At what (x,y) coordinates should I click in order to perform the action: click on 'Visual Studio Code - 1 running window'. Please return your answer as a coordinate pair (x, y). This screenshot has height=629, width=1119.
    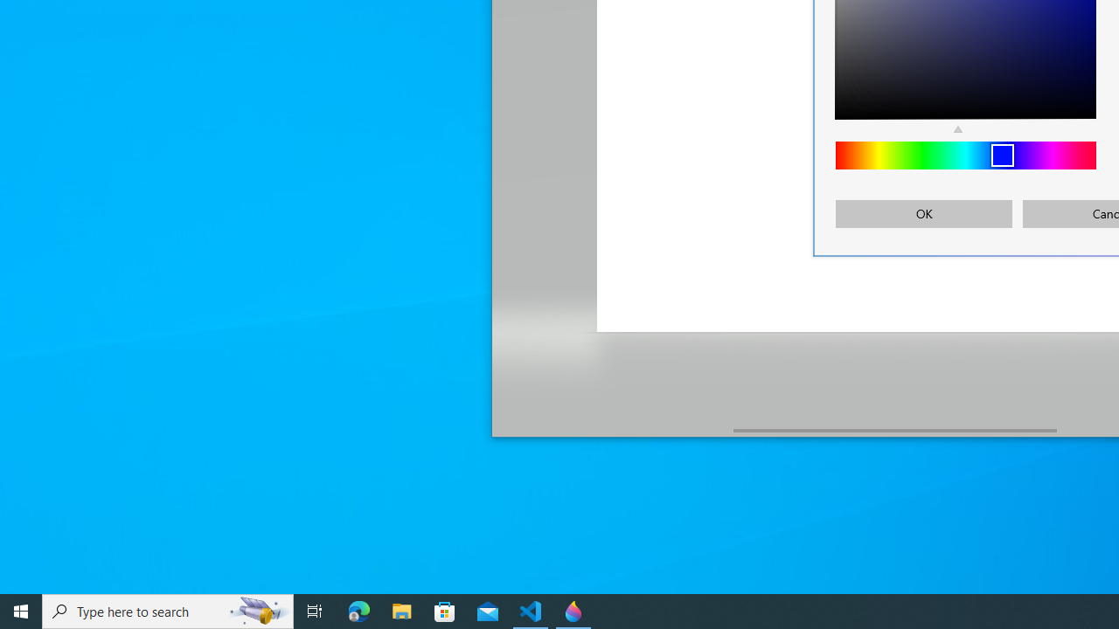
    Looking at the image, I should click on (530, 610).